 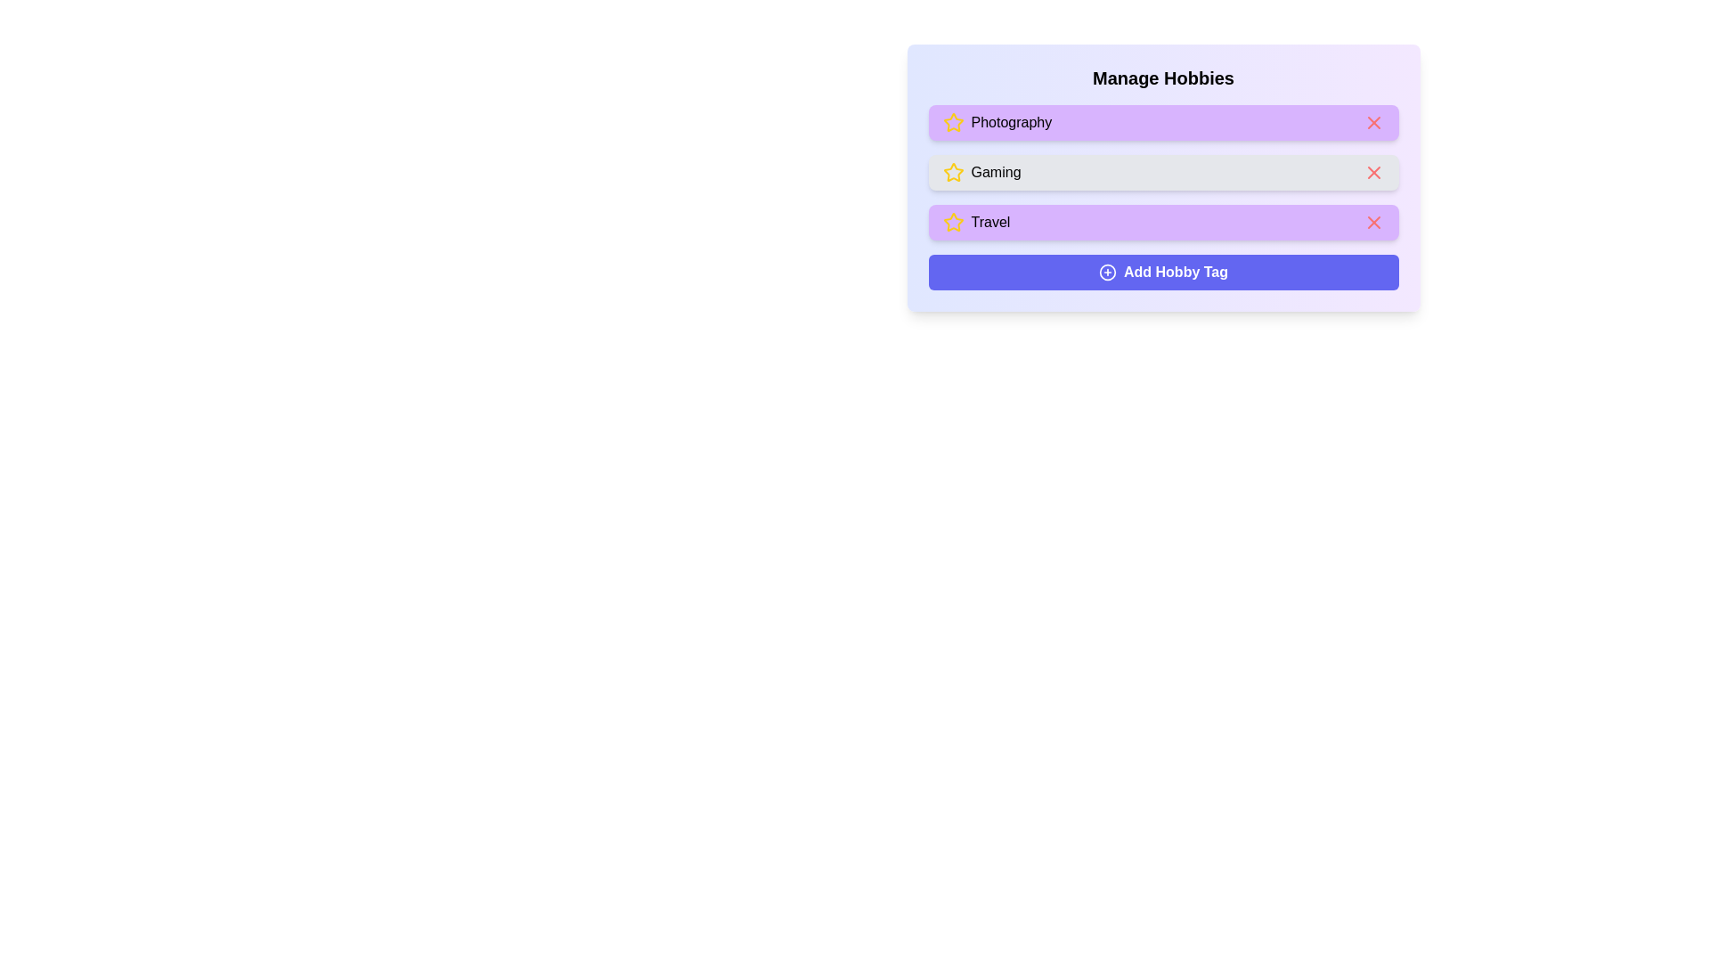 I want to click on 'X' icon to remove the hobby tag 'Travel', so click(x=1372, y=222).